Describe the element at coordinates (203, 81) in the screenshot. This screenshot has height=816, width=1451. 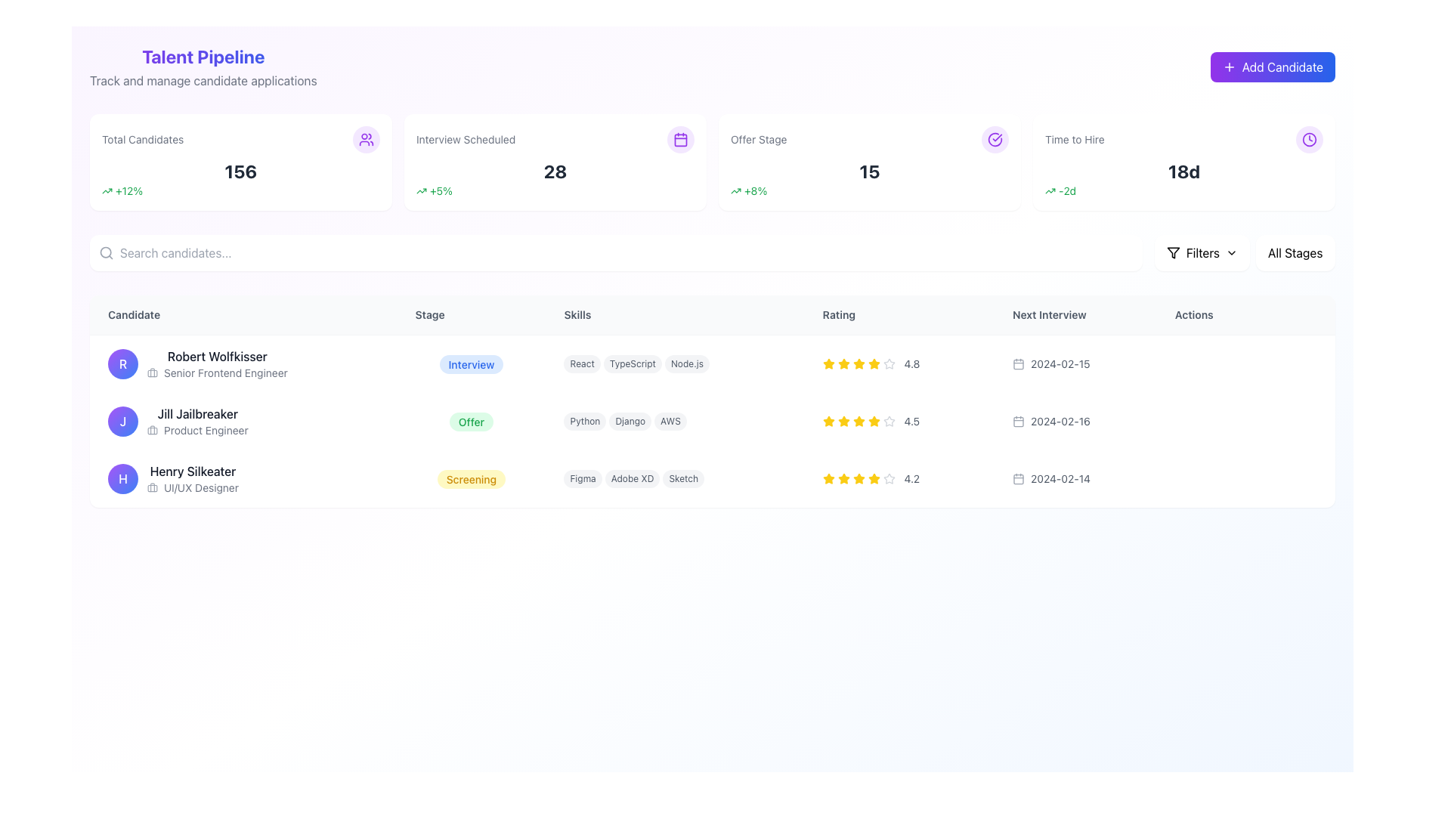
I see `the informational text label located below the 'Talent Pipeline' title, which clarifies the section's purpose` at that location.